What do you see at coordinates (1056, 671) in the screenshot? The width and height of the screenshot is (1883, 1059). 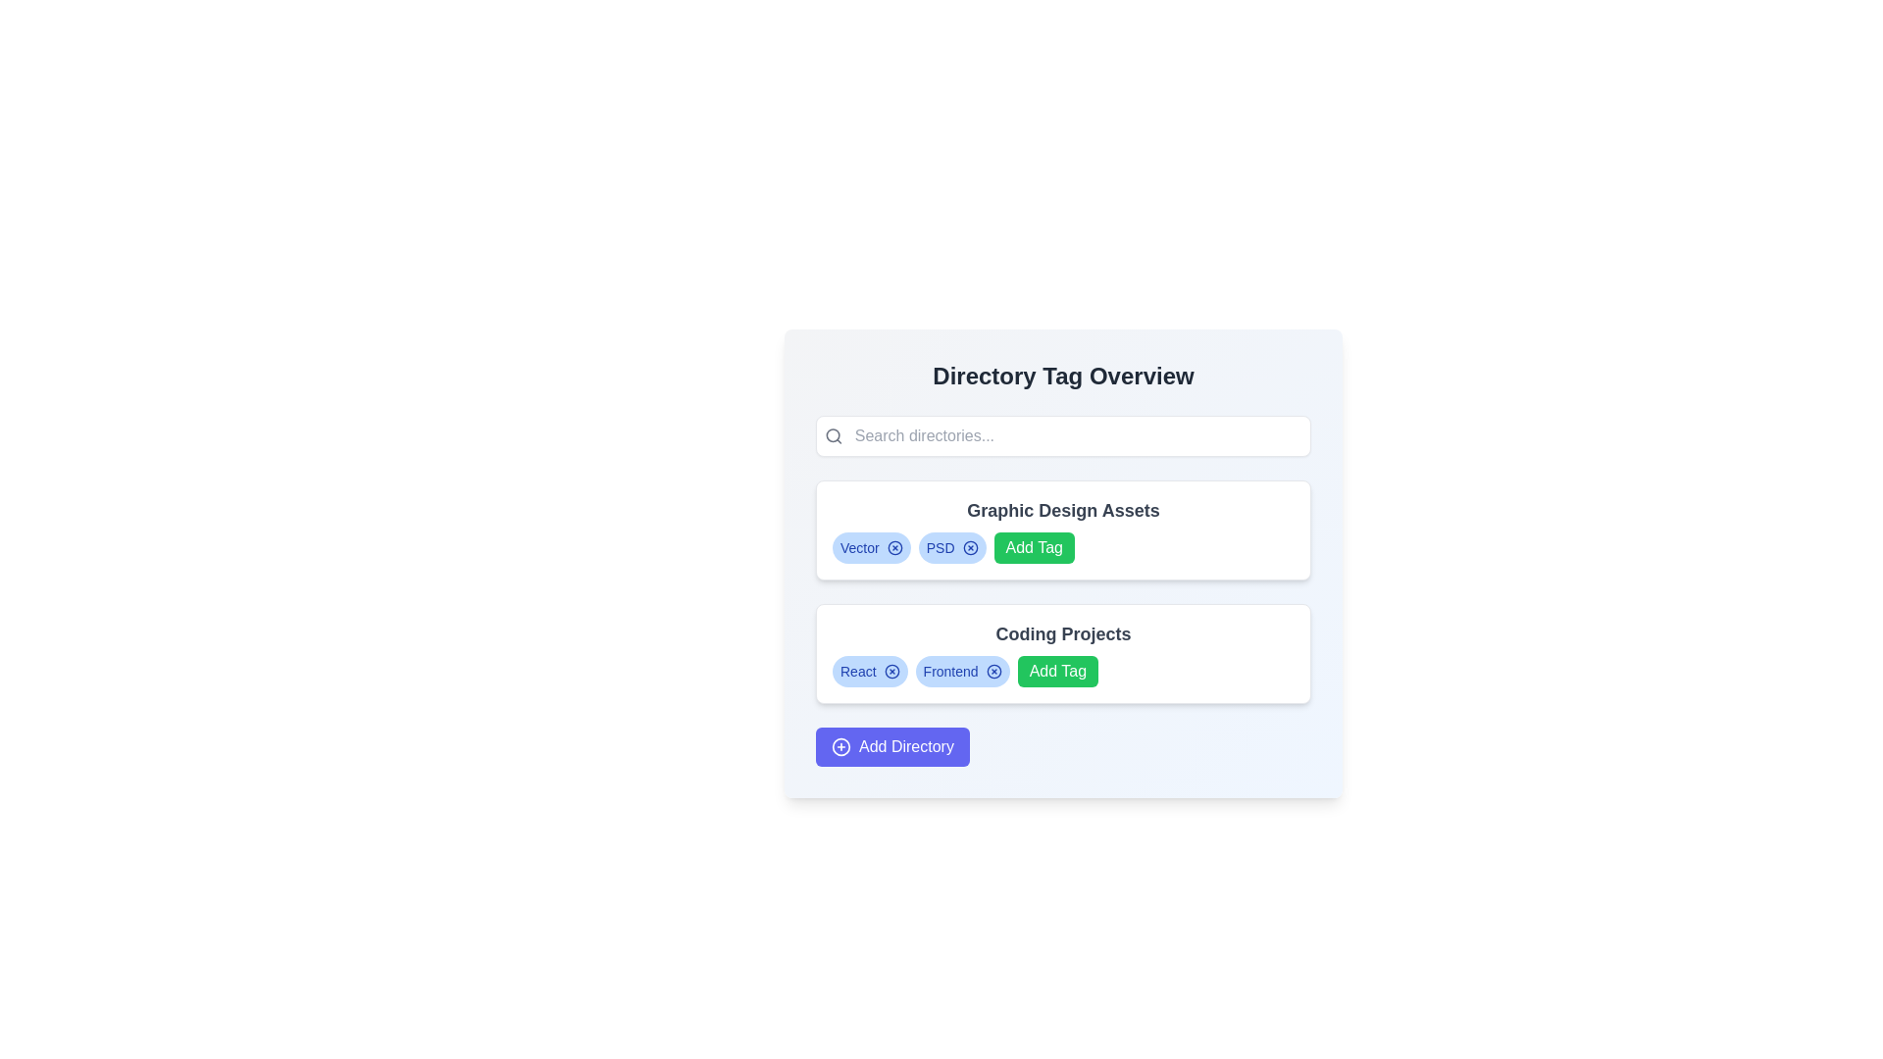 I see `the button to the right of the 'Coding Projects' section, which allows users` at bounding box center [1056, 671].